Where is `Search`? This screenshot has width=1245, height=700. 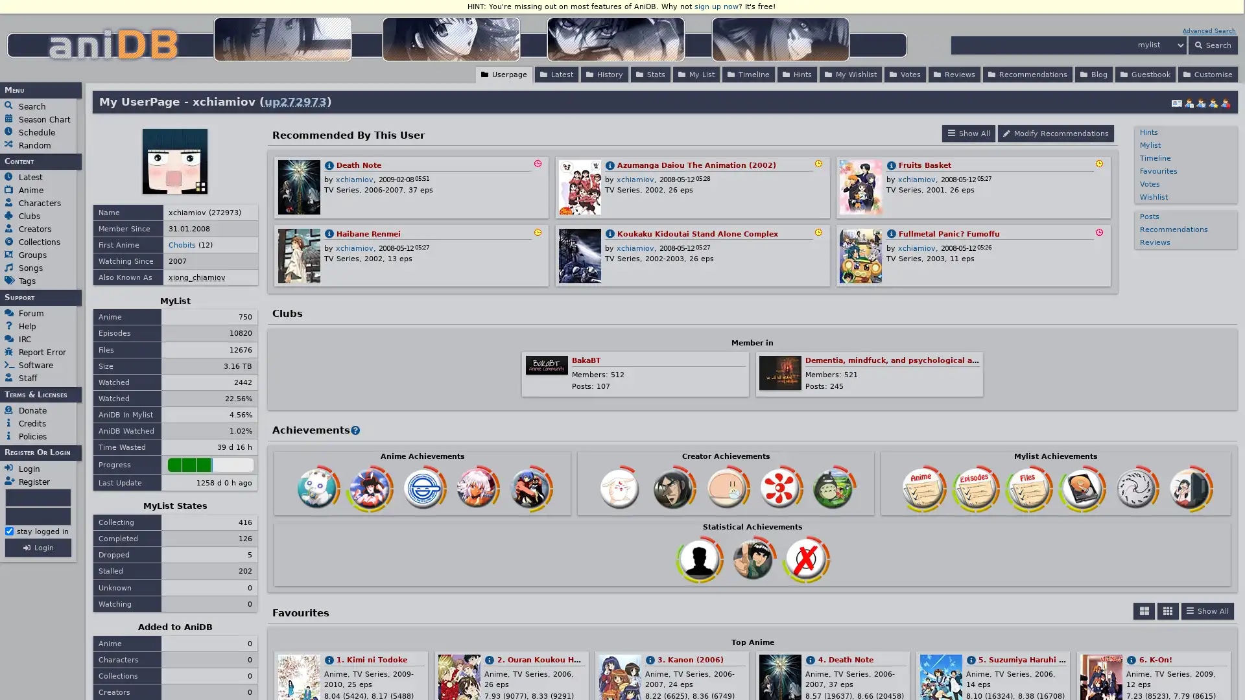 Search is located at coordinates (1212, 44).